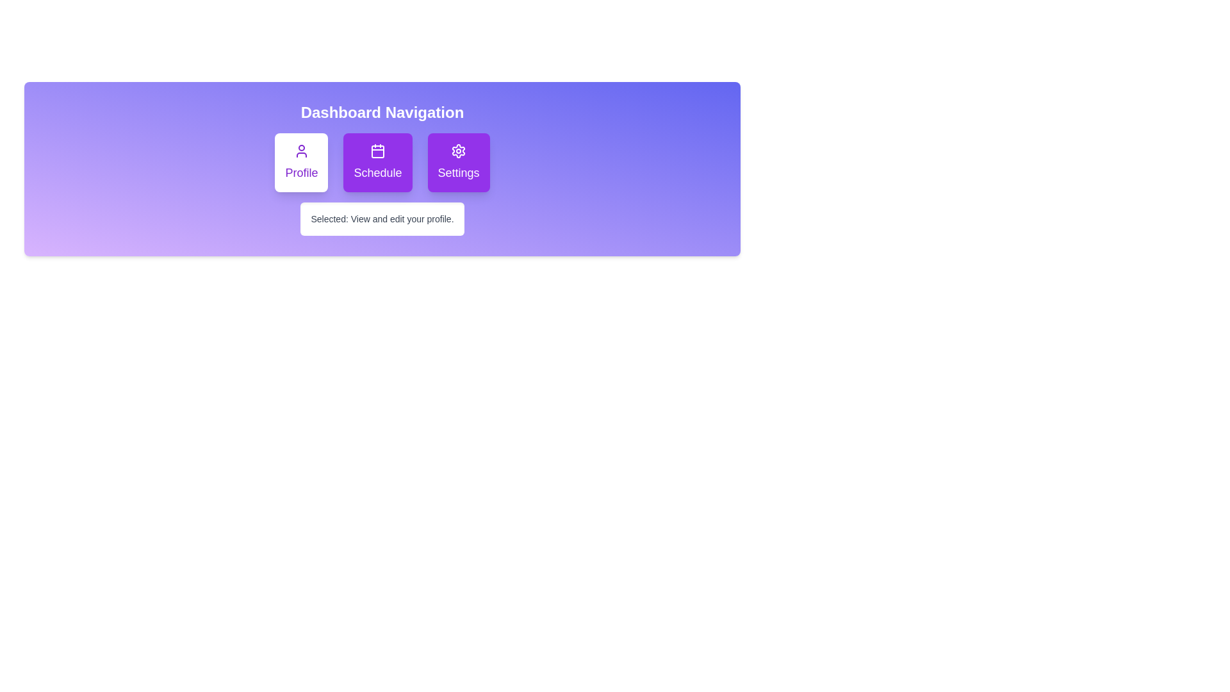 The width and height of the screenshot is (1230, 692). Describe the element at coordinates (458, 173) in the screenshot. I see `the 'Settings' text label, which is styled with a medium bold font and located at the bottom of a card with a purple background, below a settings gear icon` at that location.